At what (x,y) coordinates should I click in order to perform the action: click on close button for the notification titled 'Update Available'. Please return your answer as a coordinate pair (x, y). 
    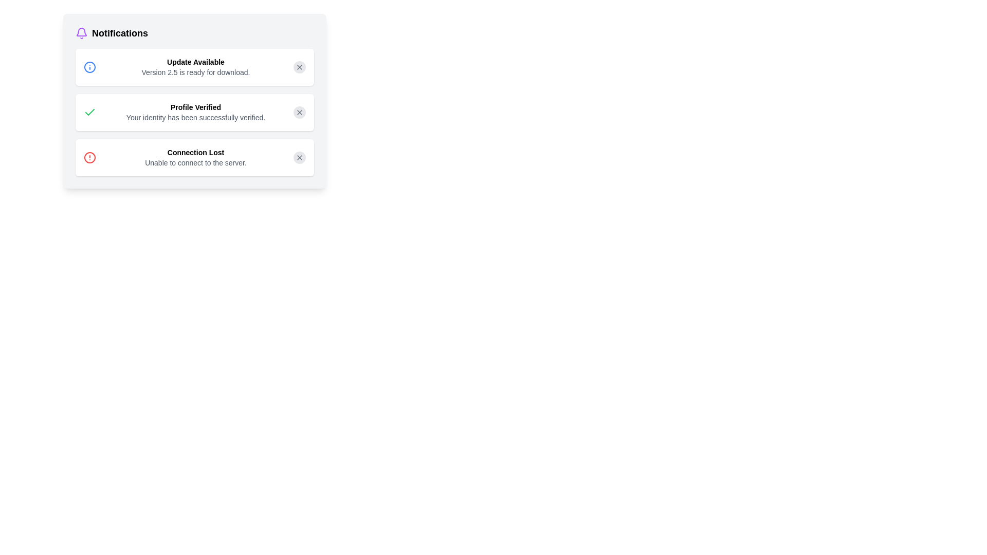
    Looking at the image, I should click on (299, 67).